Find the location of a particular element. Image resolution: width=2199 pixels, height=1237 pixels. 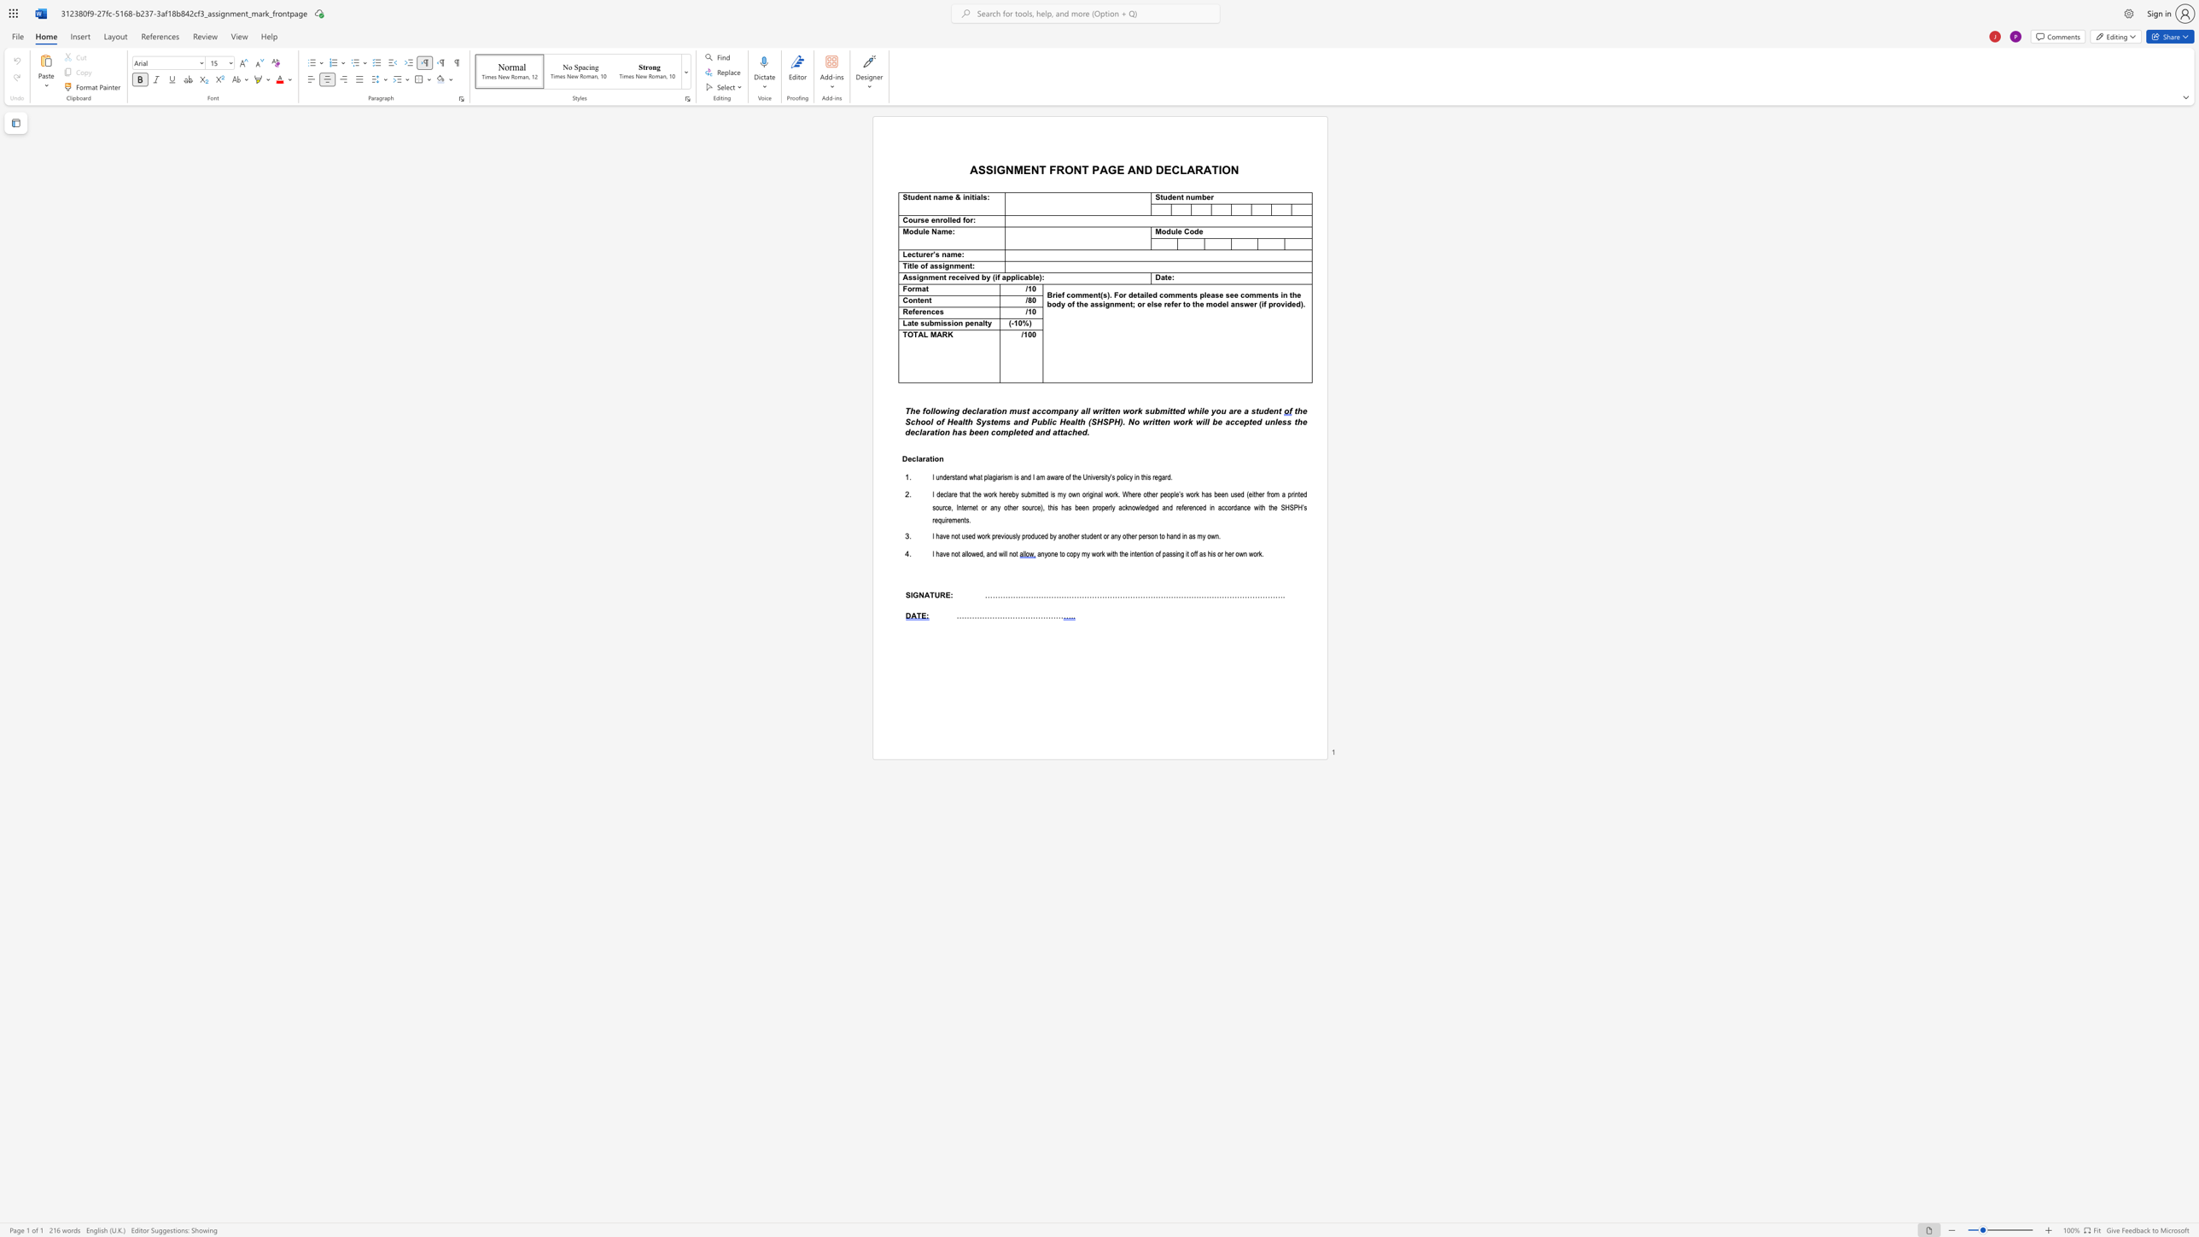

the subset text "erence" within the text "References" is located at coordinates (914, 311).